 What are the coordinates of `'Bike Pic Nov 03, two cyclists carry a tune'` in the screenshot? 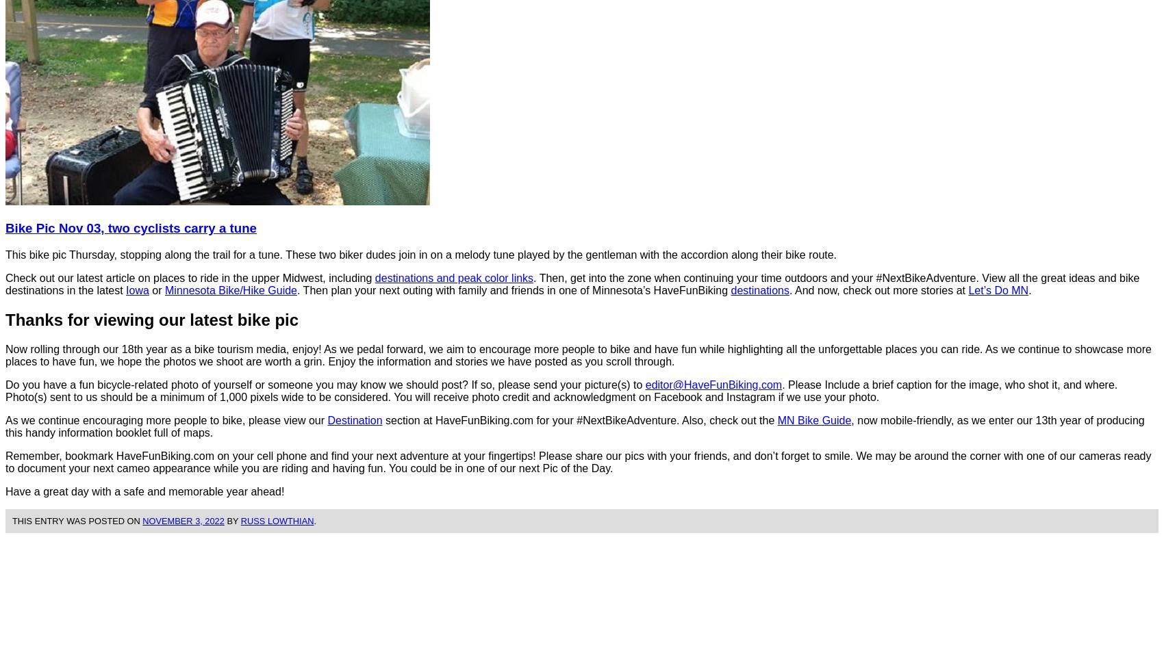 It's located at (130, 227).